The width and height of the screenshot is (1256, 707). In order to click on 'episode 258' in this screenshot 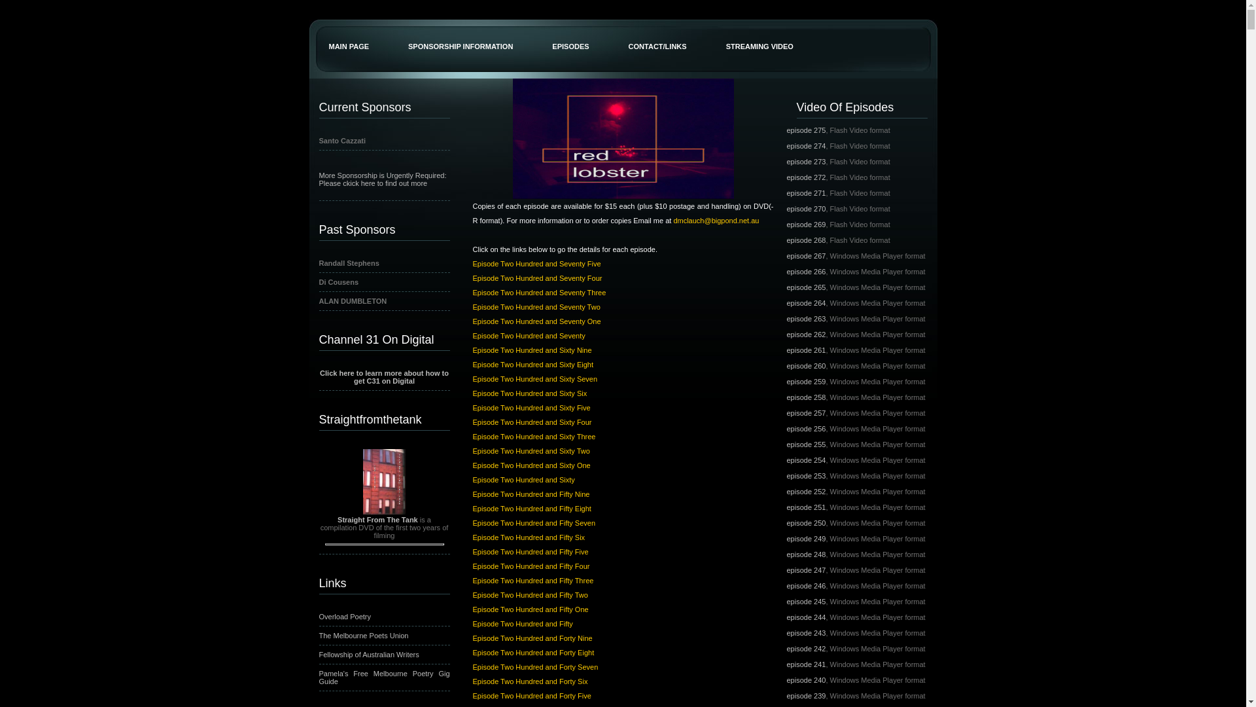, I will do `click(805, 396)`.